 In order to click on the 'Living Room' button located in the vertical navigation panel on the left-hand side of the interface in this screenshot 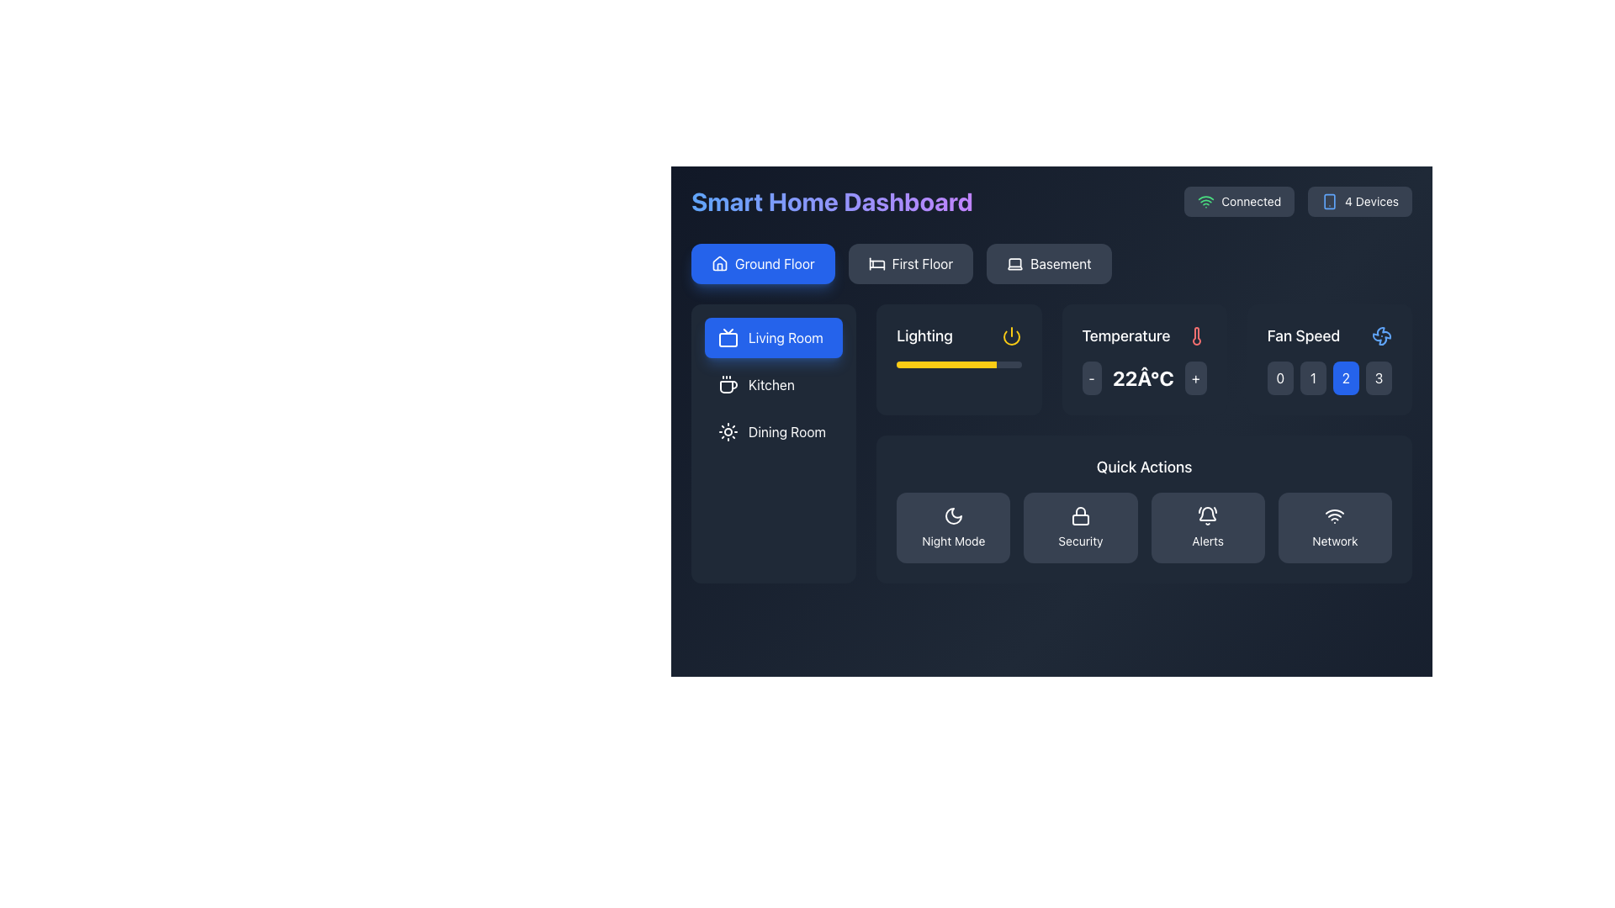, I will do `click(773, 337)`.